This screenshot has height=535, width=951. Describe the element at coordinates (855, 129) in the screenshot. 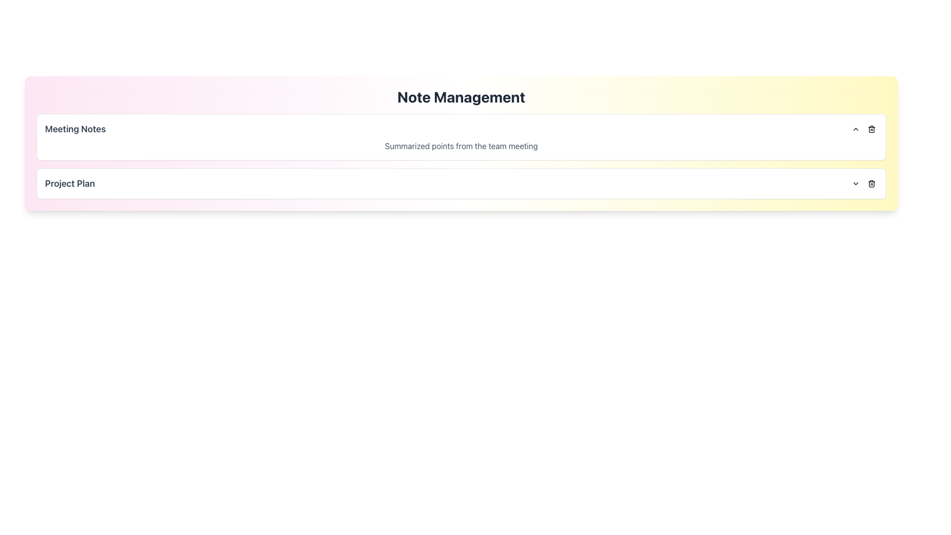

I see `the interactive icon button for collapsing or hiding the content of the 'Project Plan' section, located next to the 'Project Plan' label in the top section of the second row` at that location.